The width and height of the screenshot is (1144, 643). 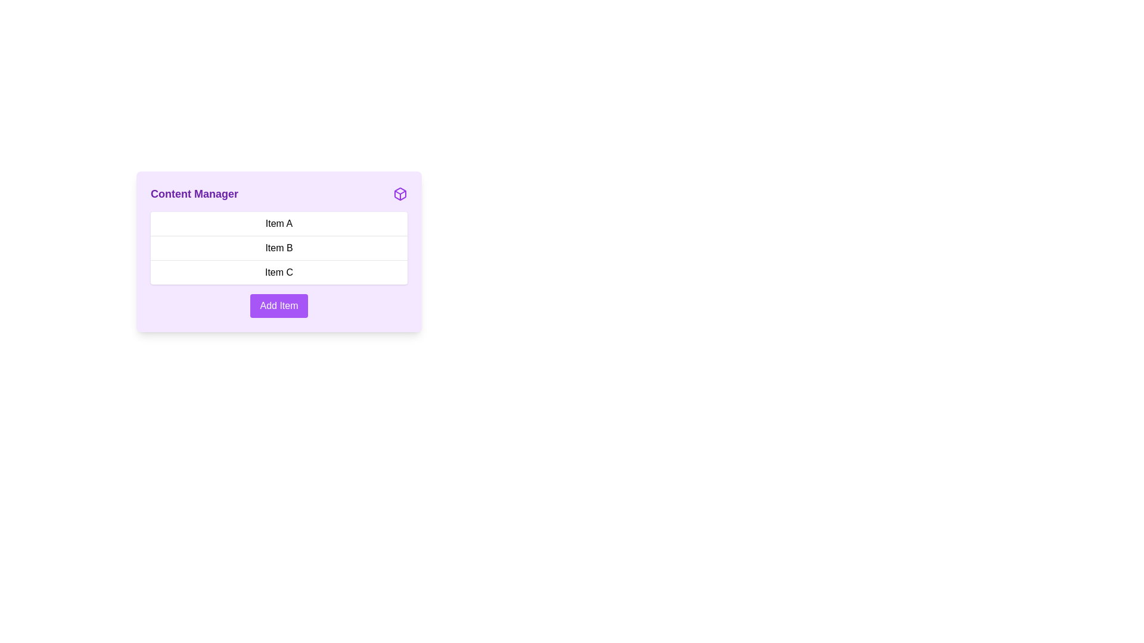 I want to click on the second item in the vertical list, which is related to 'Item B', so click(x=278, y=247).